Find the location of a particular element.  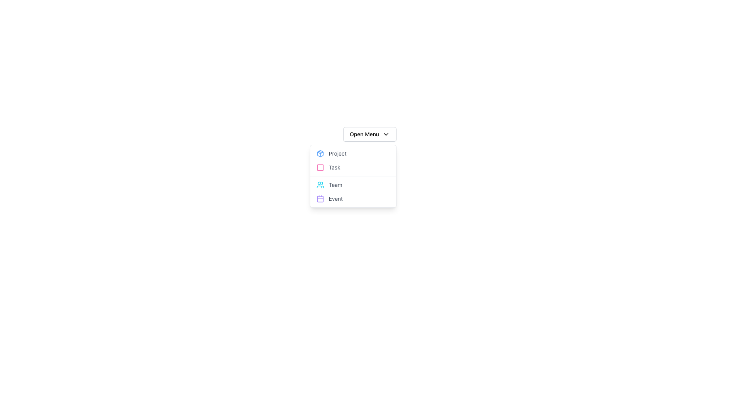

the dropdown menu toggle icon located at the far right inside the 'Open Menu' button is located at coordinates (386, 134).